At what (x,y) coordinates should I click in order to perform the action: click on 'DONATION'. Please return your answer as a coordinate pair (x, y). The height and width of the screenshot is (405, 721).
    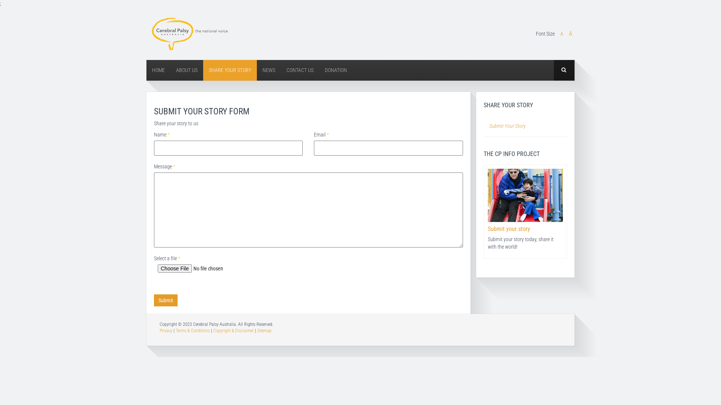
    Looking at the image, I should click on (335, 70).